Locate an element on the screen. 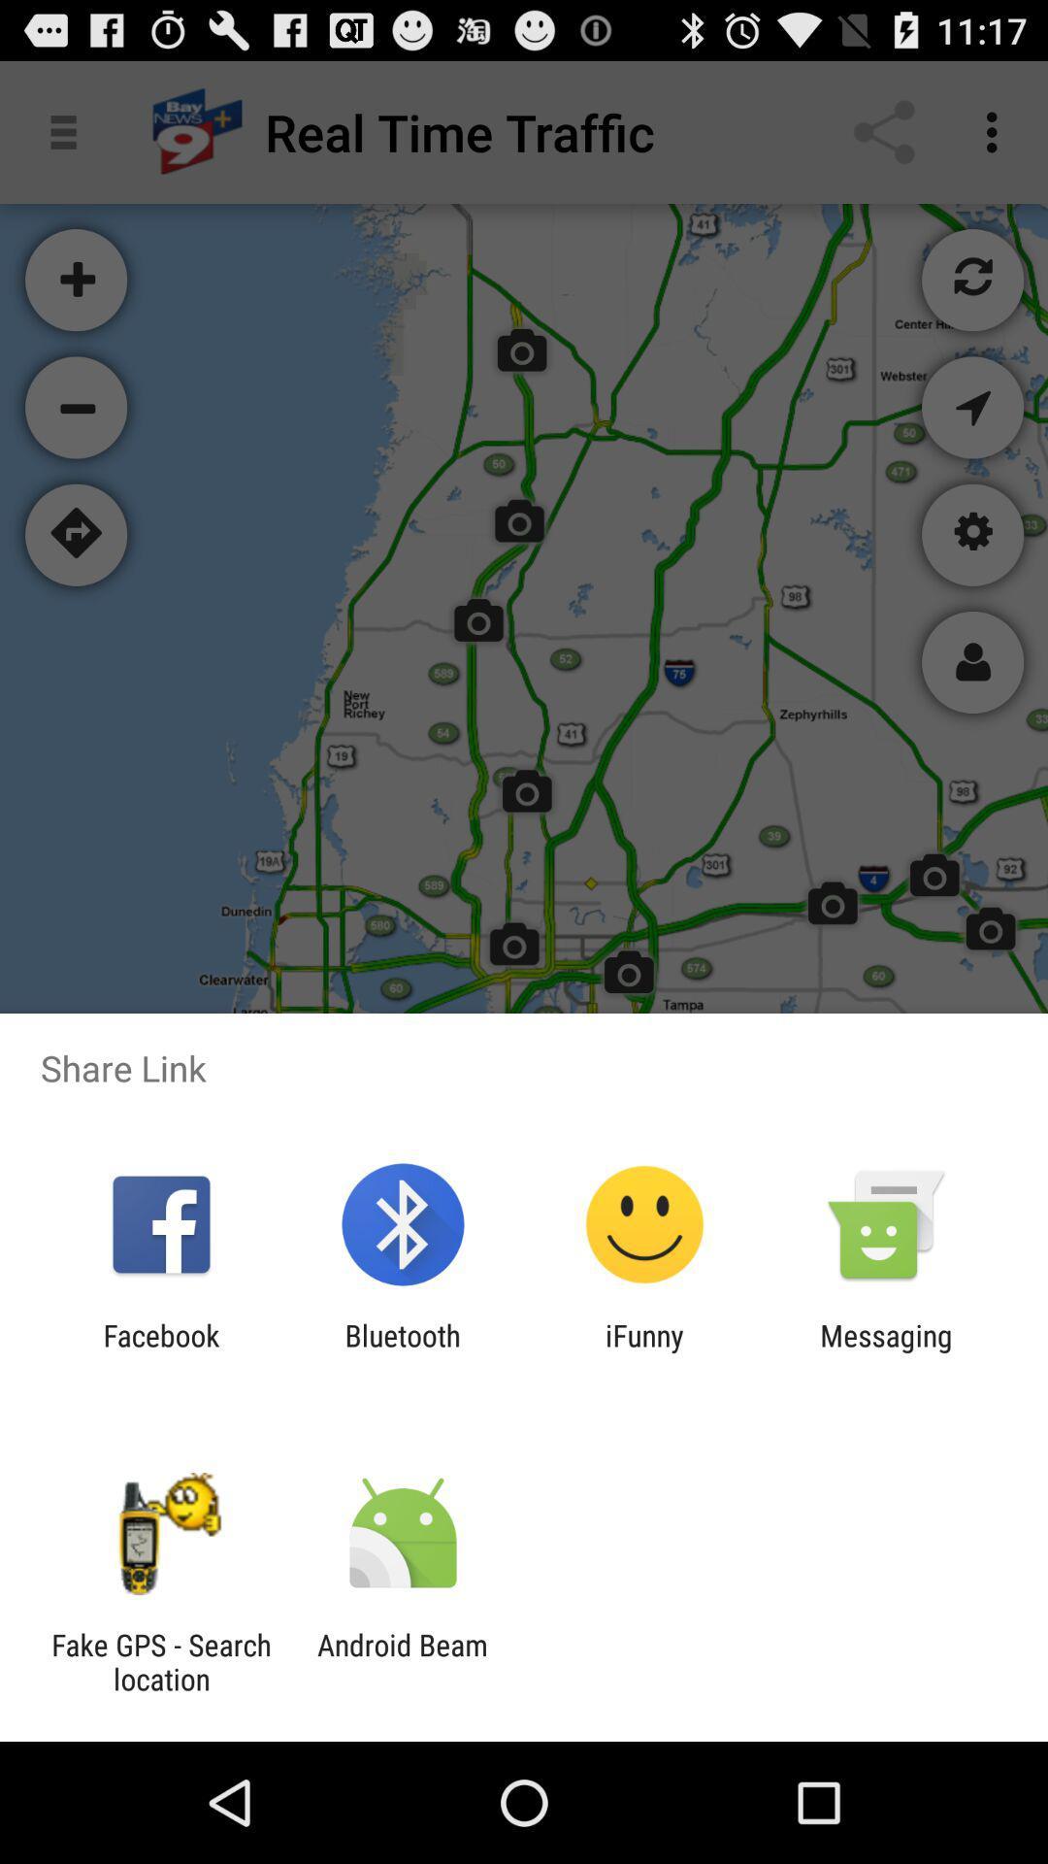  bluetooth is located at coordinates (402, 1351).